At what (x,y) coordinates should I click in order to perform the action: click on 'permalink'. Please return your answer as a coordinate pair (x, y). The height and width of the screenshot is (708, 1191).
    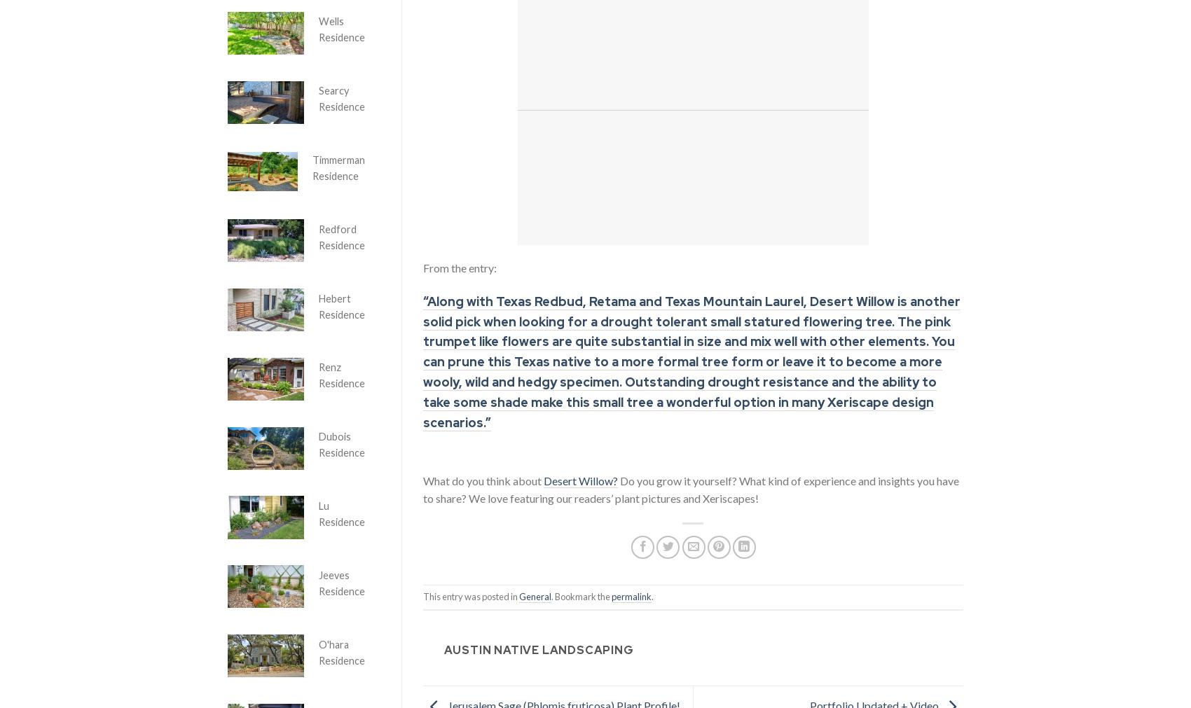
    Looking at the image, I should click on (631, 596).